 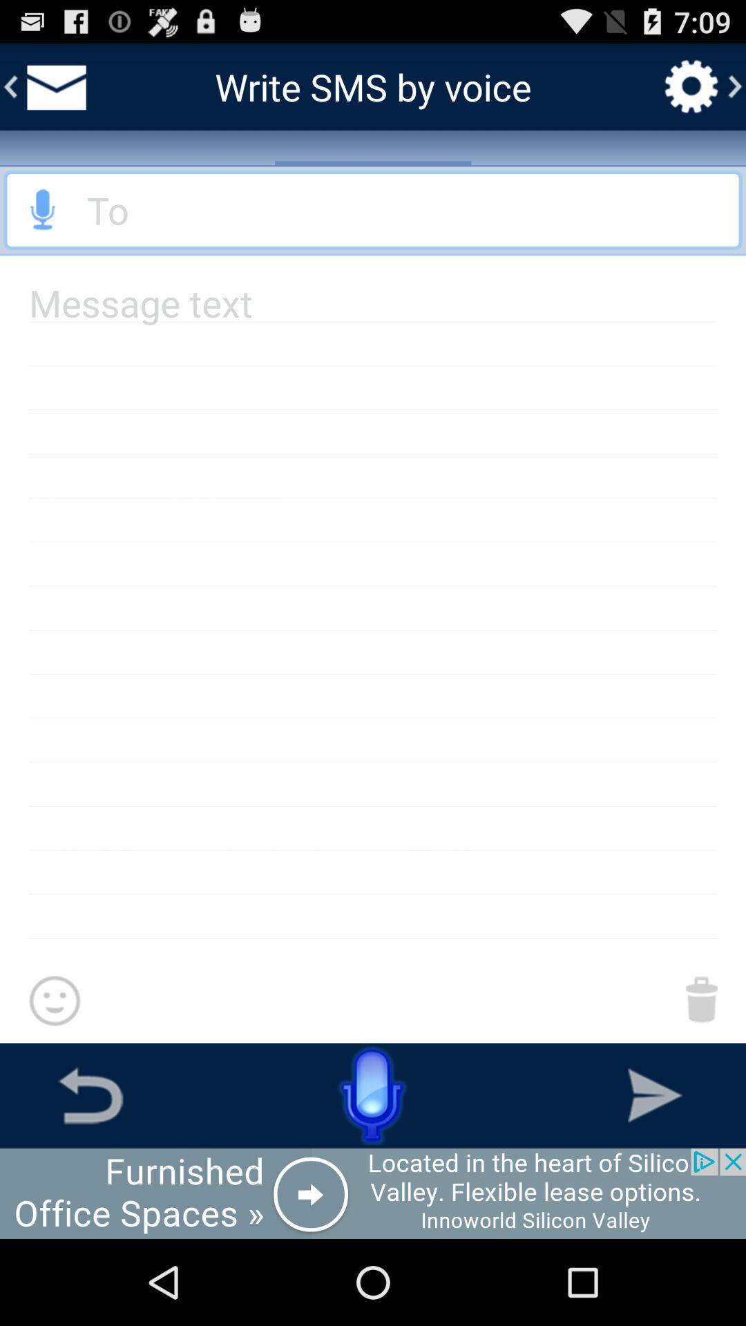 What do you see at coordinates (702, 999) in the screenshot?
I see `delete` at bounding box center [702, 999].